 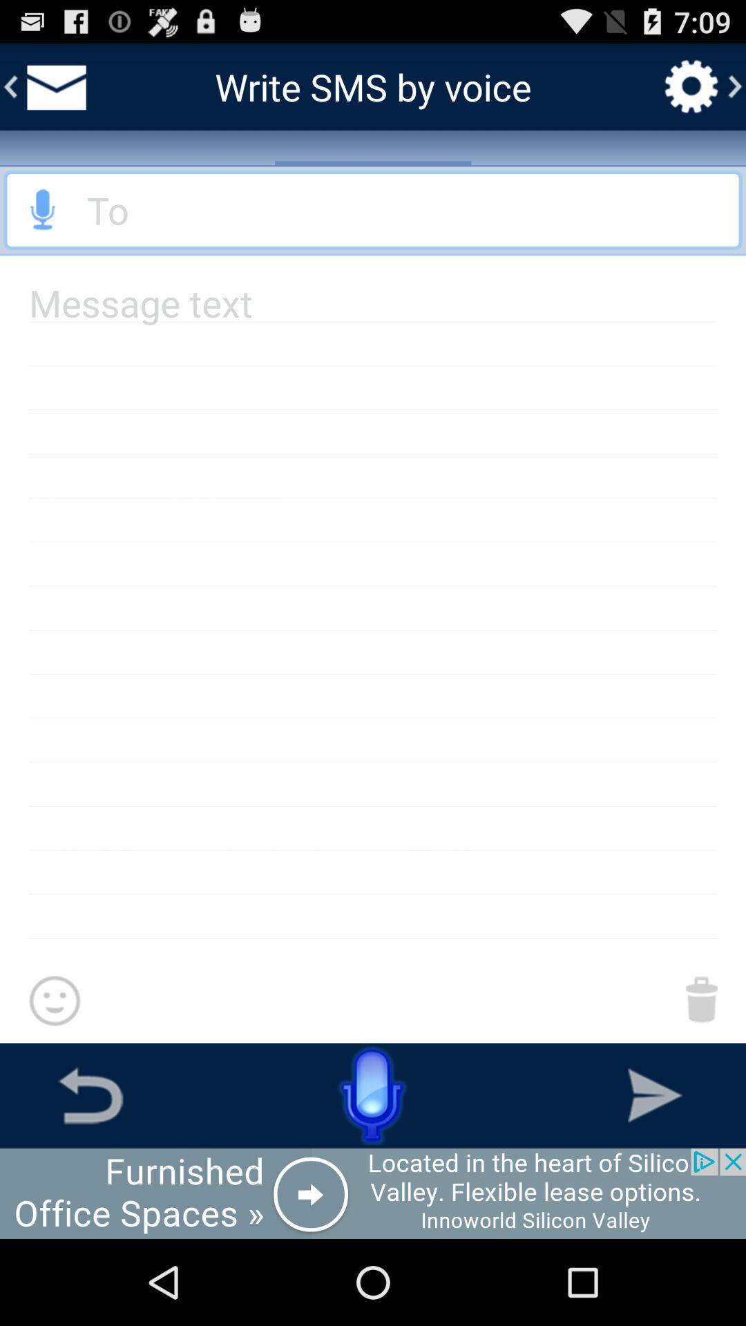 What do you see at coordinates (702, 999) in the screenshot?
I see `delete` at bounding box center [702, 999].